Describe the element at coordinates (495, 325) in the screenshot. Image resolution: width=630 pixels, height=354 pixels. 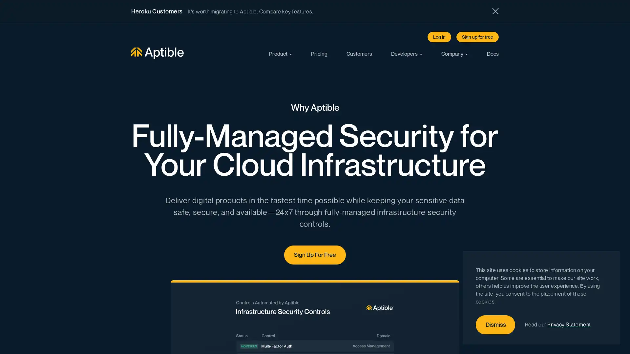
I see `Dismiss` at that location.